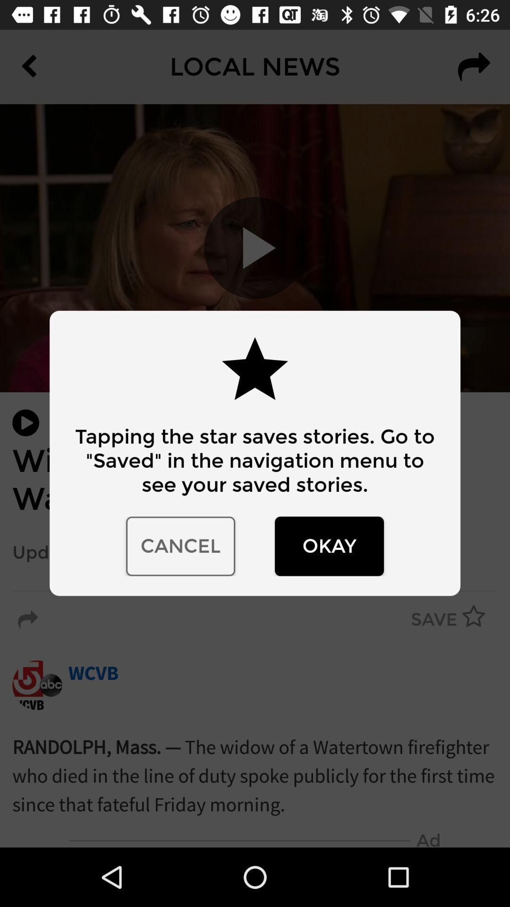 Image resolution: width=510 pixels, height=907 pixels. I want to click on the redo icon, so click(474, 66).